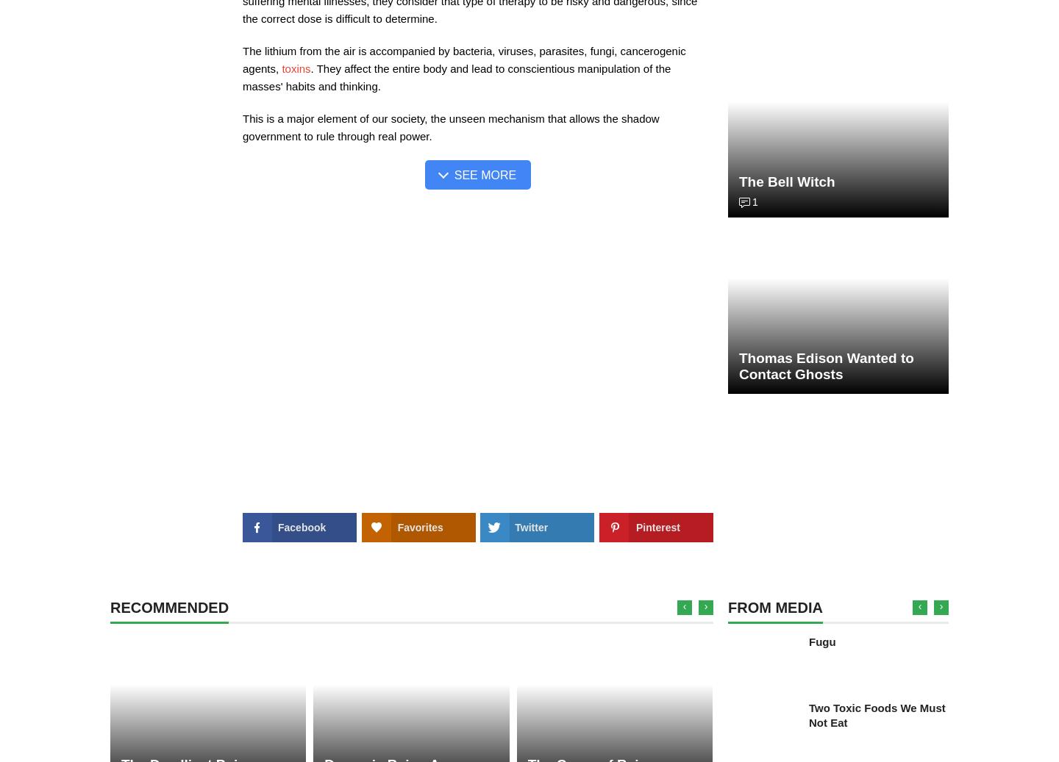  What do you see at coordinates (484, 174) in the screenshot?
I see `'See more'` at bounding box center [484, 174].